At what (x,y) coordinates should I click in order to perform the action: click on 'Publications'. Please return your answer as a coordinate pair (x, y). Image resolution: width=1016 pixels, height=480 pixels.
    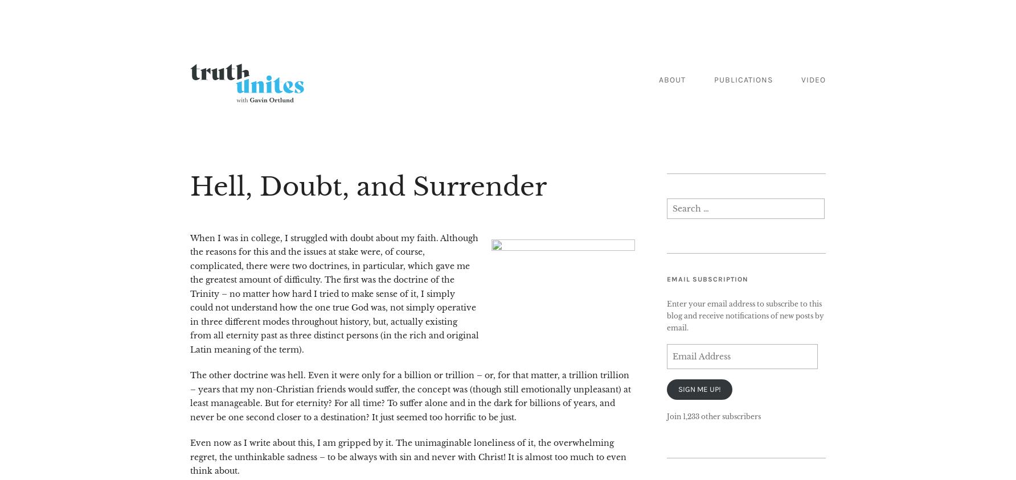
    Looking at the image, I should click on (713, 80).